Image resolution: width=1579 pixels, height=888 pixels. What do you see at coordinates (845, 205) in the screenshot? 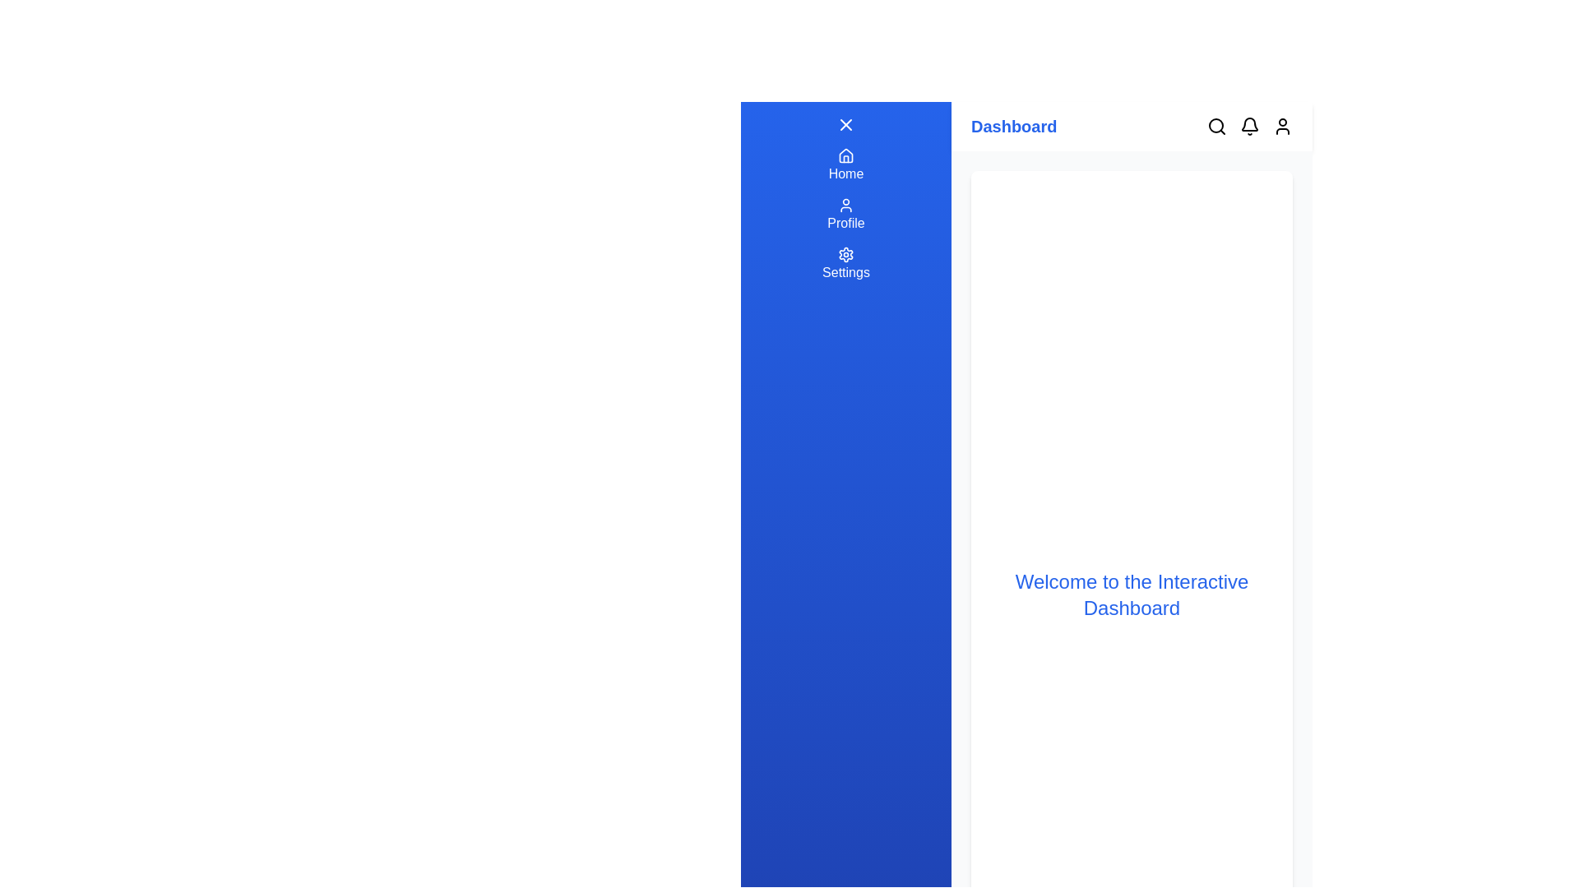
I see `the user profile icon in the vertical navigation menu` at bounding box center [845, 205].